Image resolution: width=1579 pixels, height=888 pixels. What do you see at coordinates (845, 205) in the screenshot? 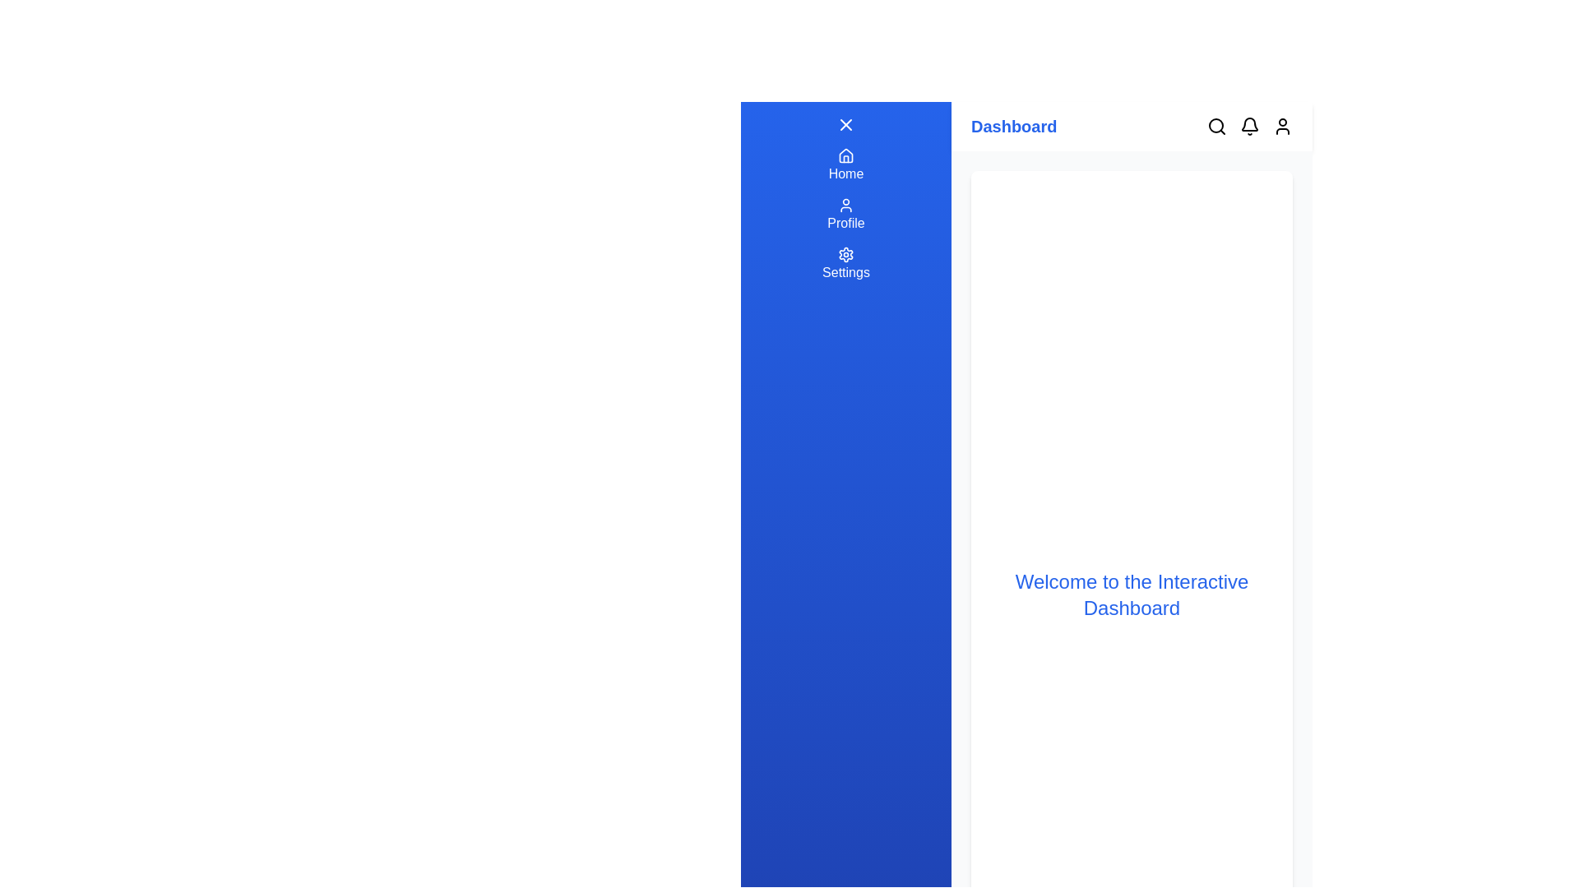
I see `the user profile icon in the vertical navigation menu` at bounding box center [845, 205].